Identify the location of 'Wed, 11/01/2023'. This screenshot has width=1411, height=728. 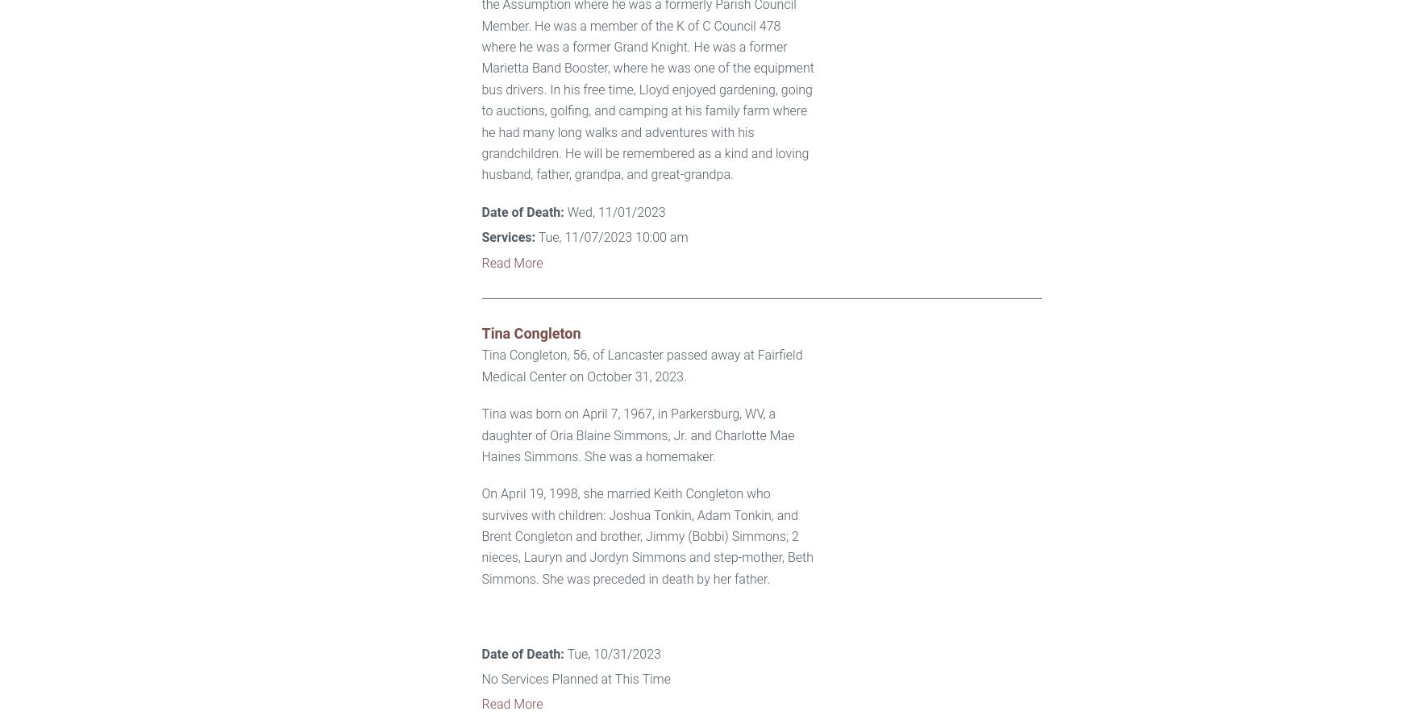
(613, 210).